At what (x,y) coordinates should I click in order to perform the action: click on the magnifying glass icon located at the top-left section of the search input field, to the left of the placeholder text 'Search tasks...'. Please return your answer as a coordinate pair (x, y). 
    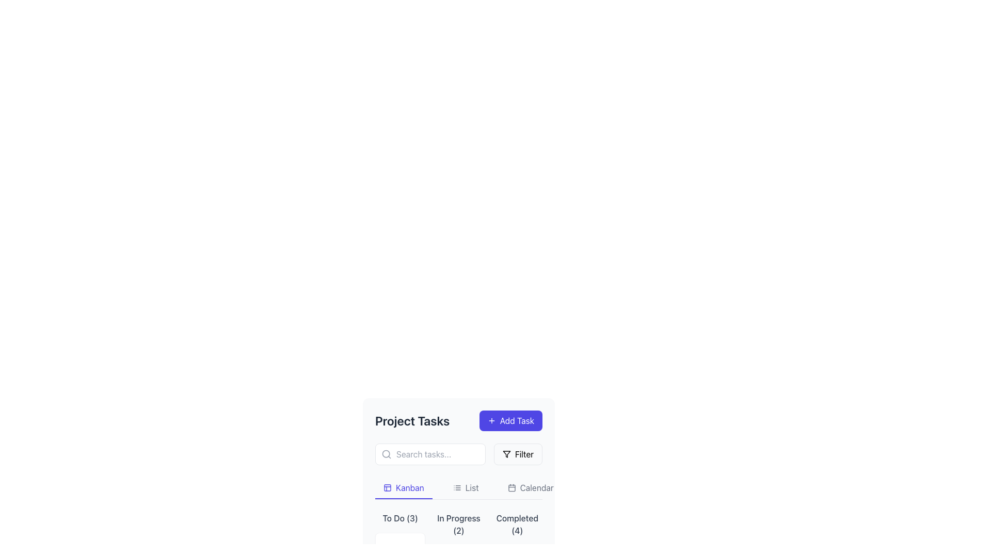
    Looking at the image, I should click on (386, 453).